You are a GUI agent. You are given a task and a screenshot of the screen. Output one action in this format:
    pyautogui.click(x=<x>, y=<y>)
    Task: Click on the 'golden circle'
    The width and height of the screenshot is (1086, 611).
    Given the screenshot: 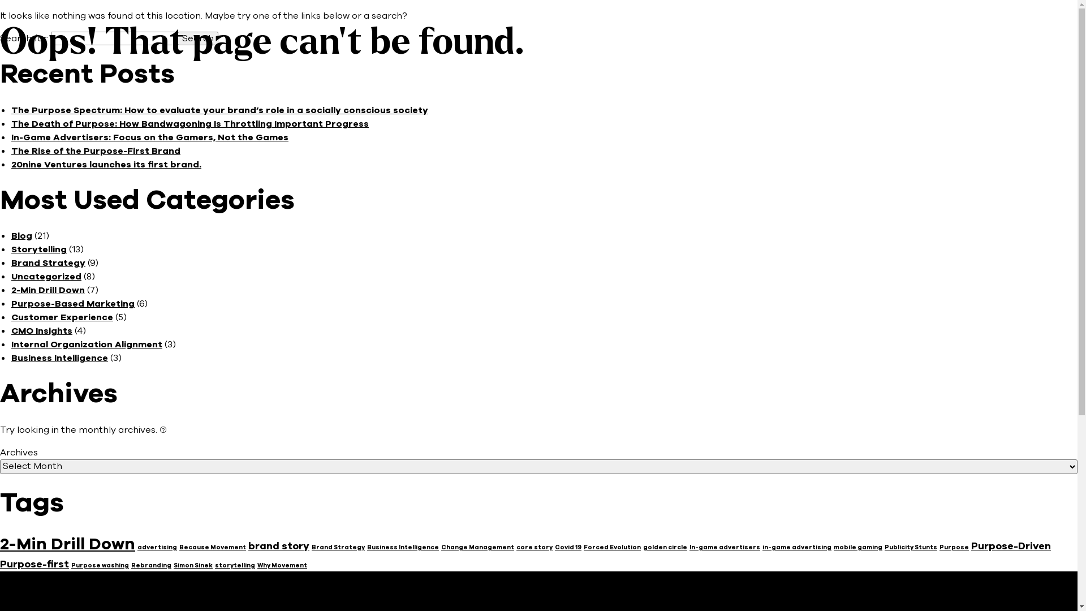 What is the action you would take?
    pyautogui.click(x=665, y=547)
    